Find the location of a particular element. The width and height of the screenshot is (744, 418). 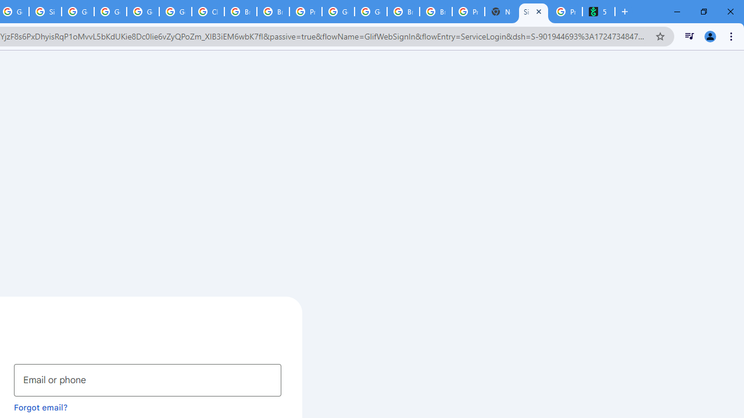

'Forgot email?' is located at coordinates (41, 406).